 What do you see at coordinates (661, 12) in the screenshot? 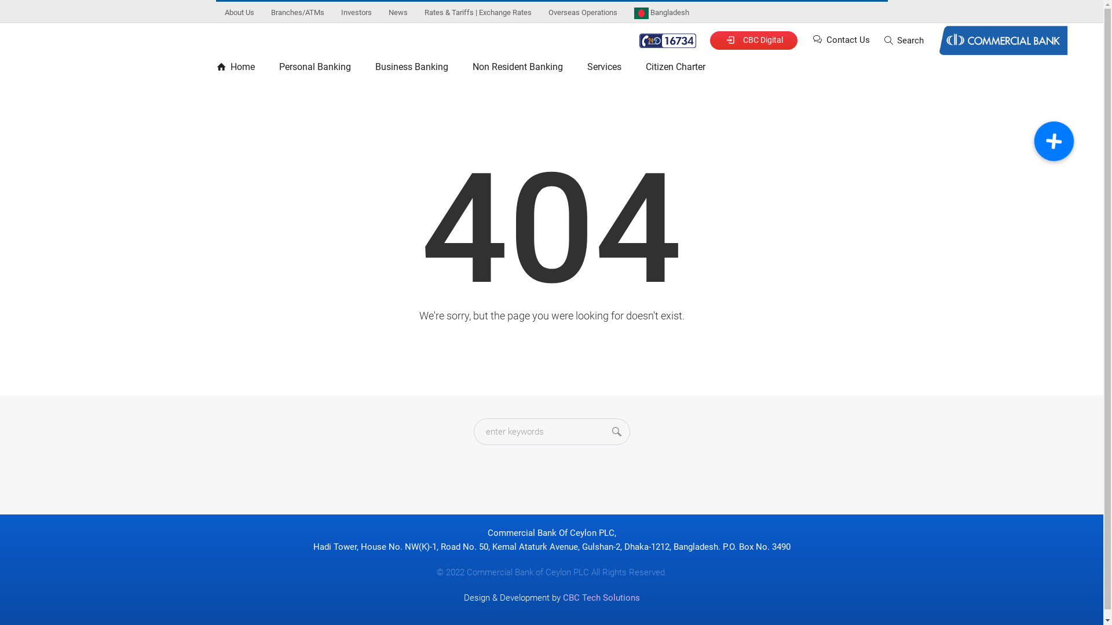
I see `' Bangladesh'` at bounding box center [661, 12].